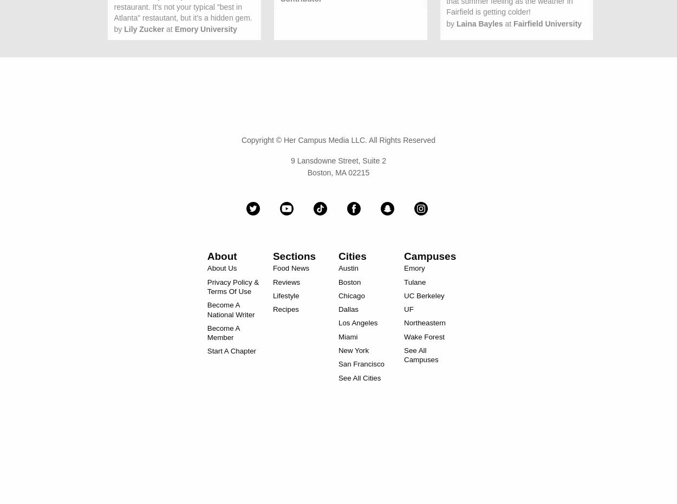 Image resolution: width=677 pixels, height=504 pixels. What do you see at coordinates (337, 160) in the screenshot?
I see `'9 Lansdowne Street, Suite 2'` at bounding box center [337, 160].